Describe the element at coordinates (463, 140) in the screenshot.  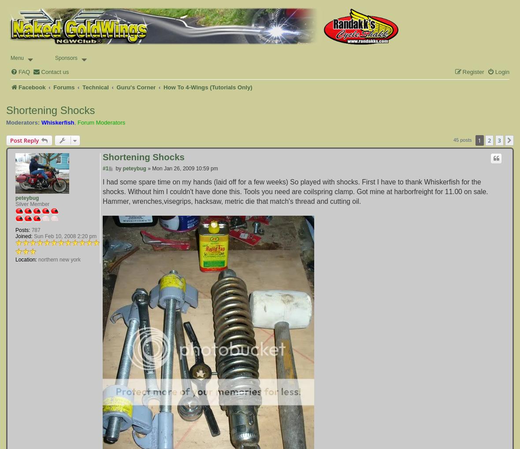
I see `'45 posts'` at that location.